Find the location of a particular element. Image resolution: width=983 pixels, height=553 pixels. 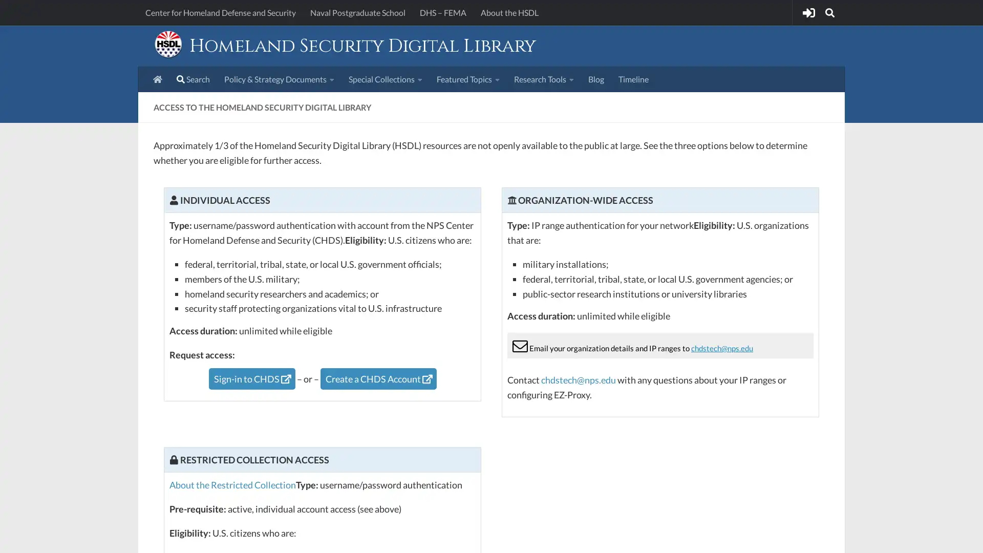

Create a CHDS Account is located at coordinates (377, 378).